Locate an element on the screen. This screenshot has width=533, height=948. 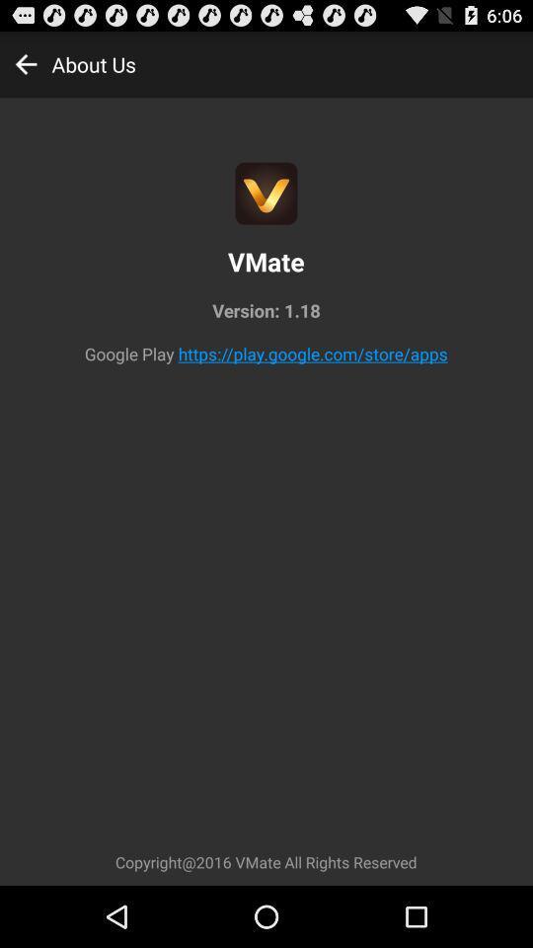
icon next to about us is located at coordinates (25, 63).